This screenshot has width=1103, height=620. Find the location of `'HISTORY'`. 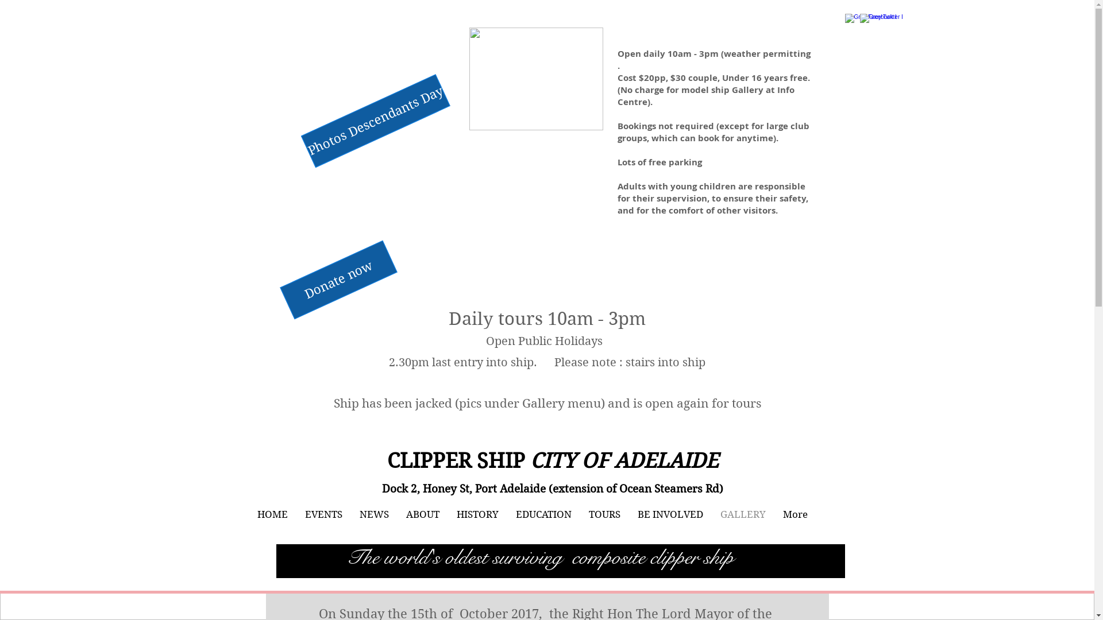

'HISTORY' is located at coordinates (477, 514).